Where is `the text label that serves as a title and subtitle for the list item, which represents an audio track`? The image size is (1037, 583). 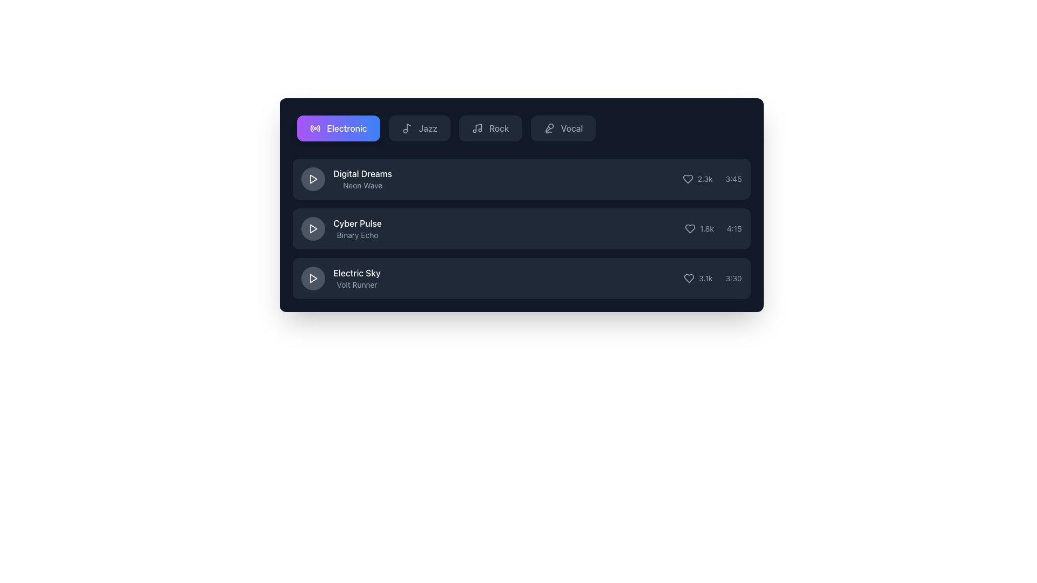
the text label that serves as a title and subtitle for the list item, which represents an audio track is located at coordinates (357, 278).